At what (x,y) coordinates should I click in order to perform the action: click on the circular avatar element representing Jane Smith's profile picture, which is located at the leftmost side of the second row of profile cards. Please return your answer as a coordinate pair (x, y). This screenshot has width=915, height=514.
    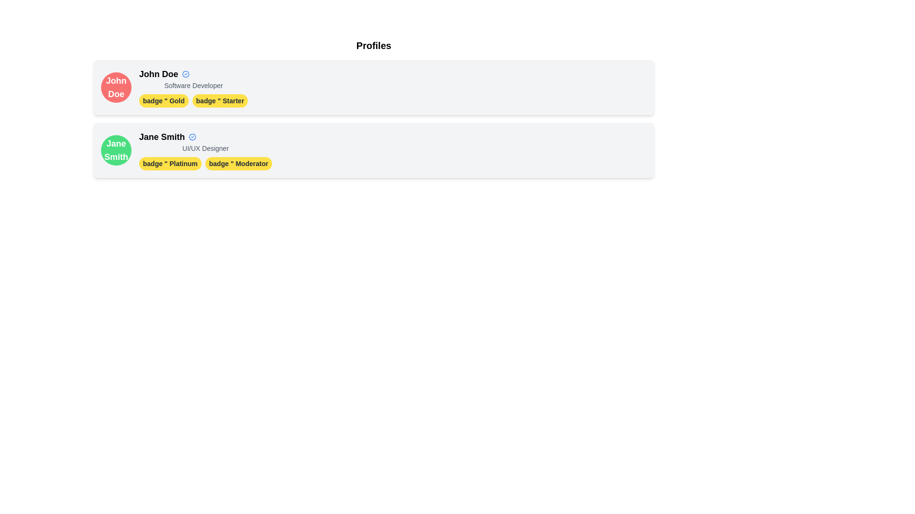
    Looking at the image, I should click on (116, 150).